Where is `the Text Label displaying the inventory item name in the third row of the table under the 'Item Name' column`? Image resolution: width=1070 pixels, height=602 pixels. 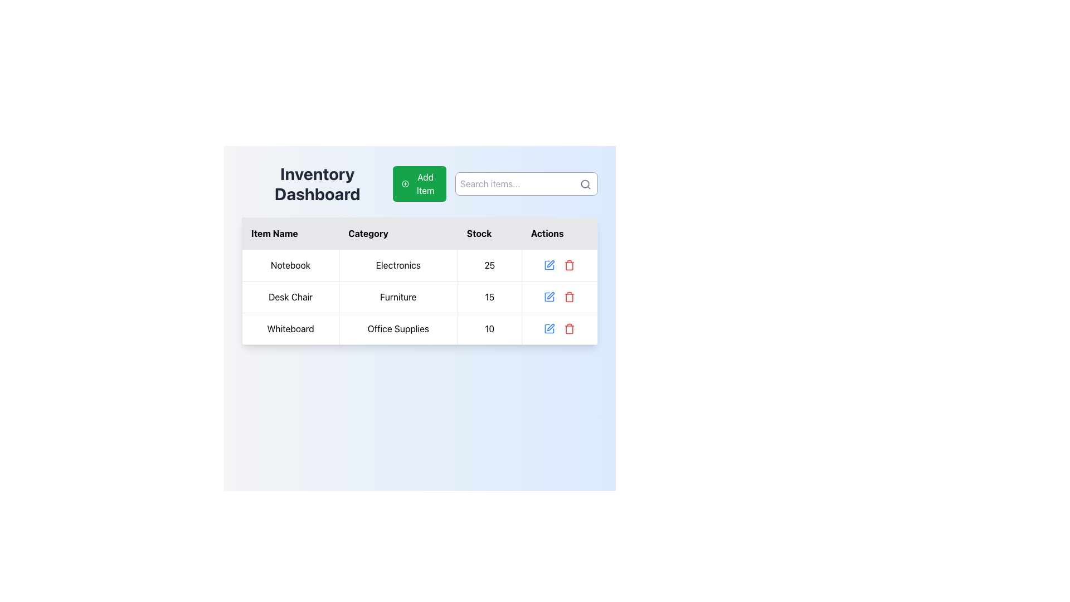
the Text Label displaying the inventory item name in the third row of the table under the 'Item Name' column is located at coordinates (290, 328).